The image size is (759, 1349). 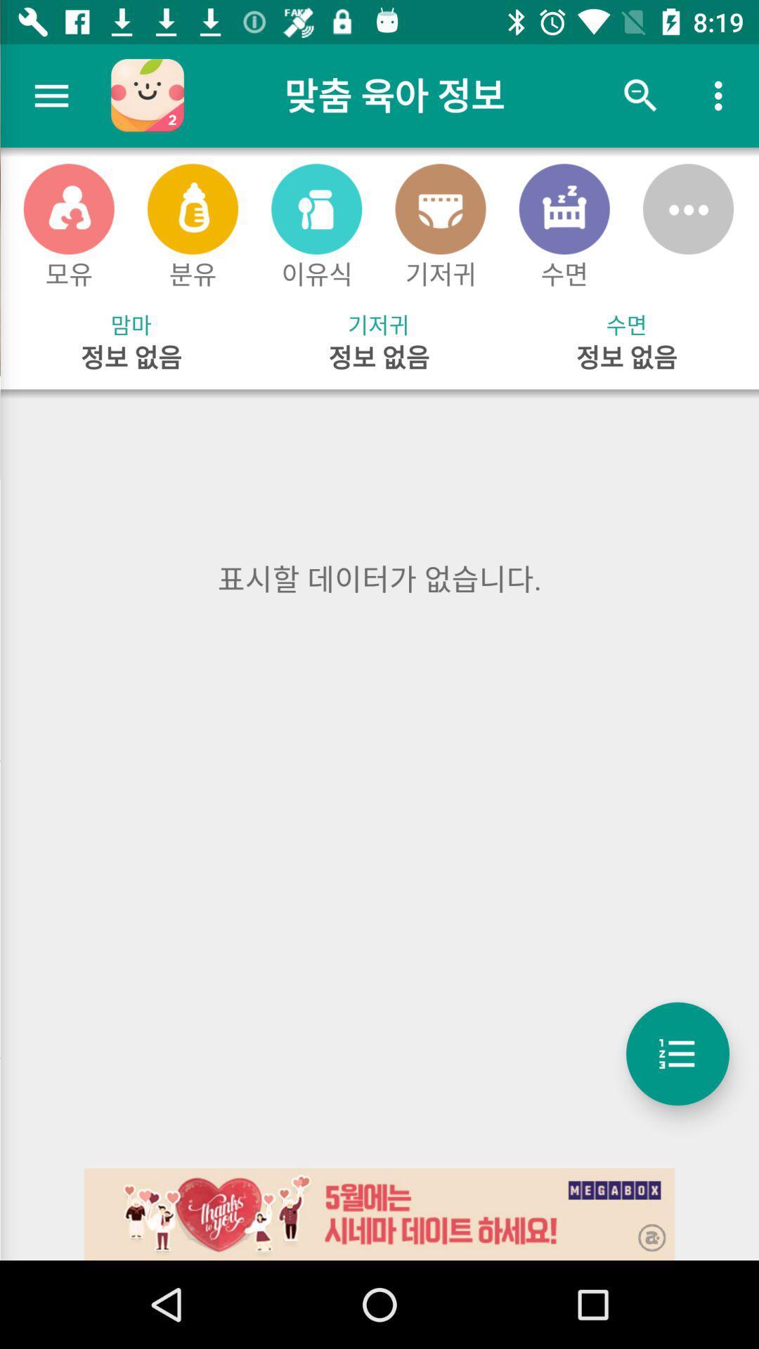 What do you see at coordinates (440, 208) in the screenshot?
I see `fourth icon at top` at bounding box center [440, 208].